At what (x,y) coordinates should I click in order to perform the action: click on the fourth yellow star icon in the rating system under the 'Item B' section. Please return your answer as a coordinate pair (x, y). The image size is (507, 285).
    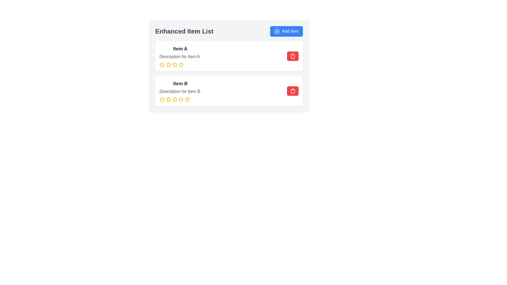
    Looking at the image, I should click on (181, 99).